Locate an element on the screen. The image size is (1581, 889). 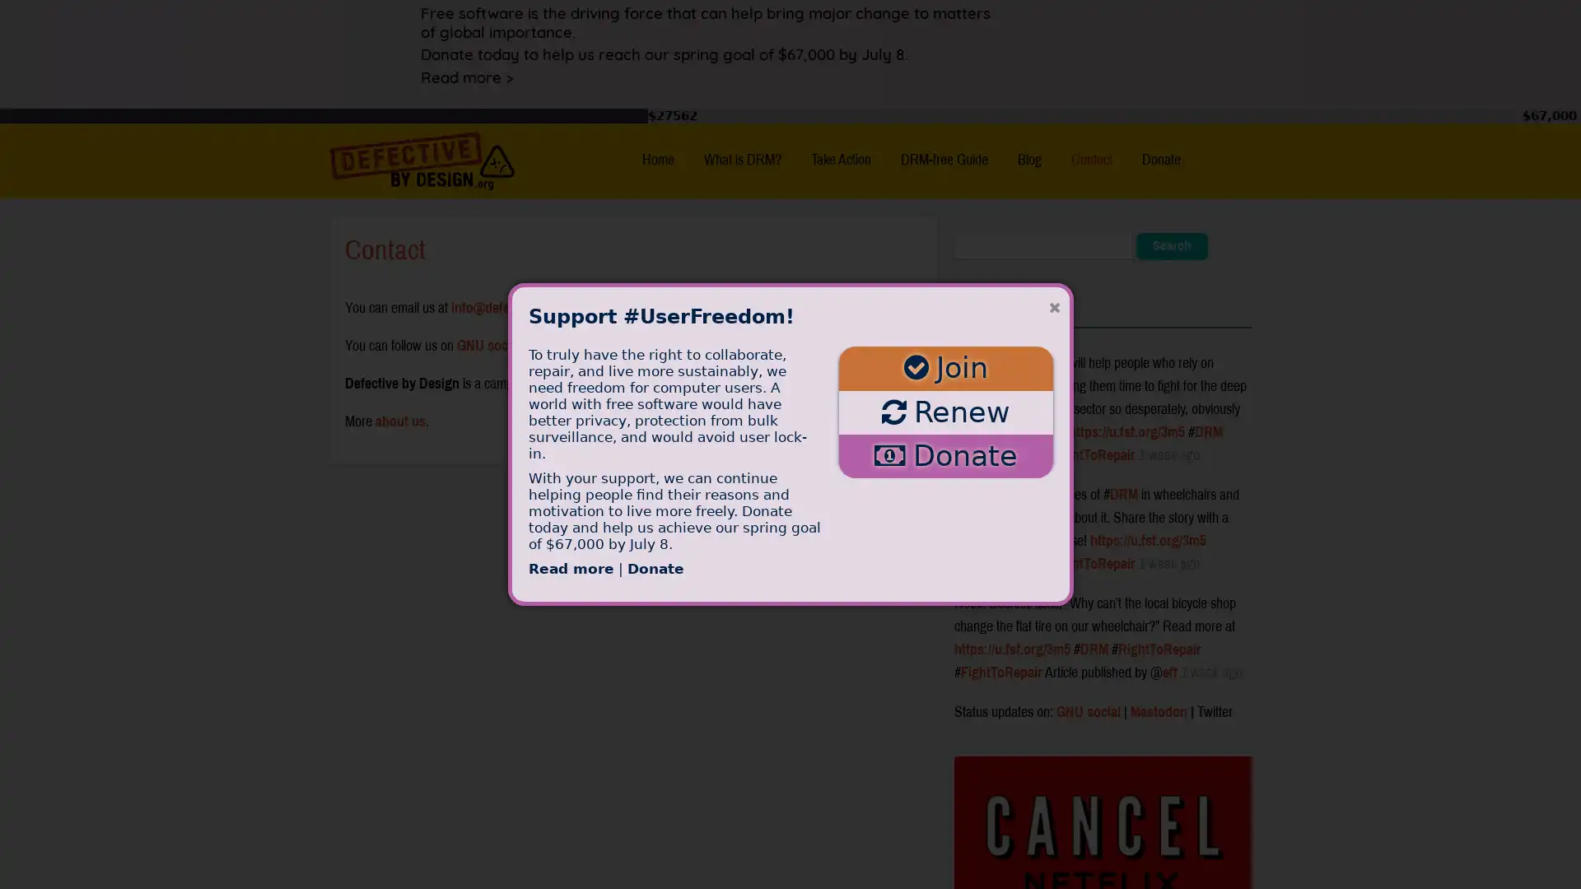
Search is located at coordinates (1170, 246).